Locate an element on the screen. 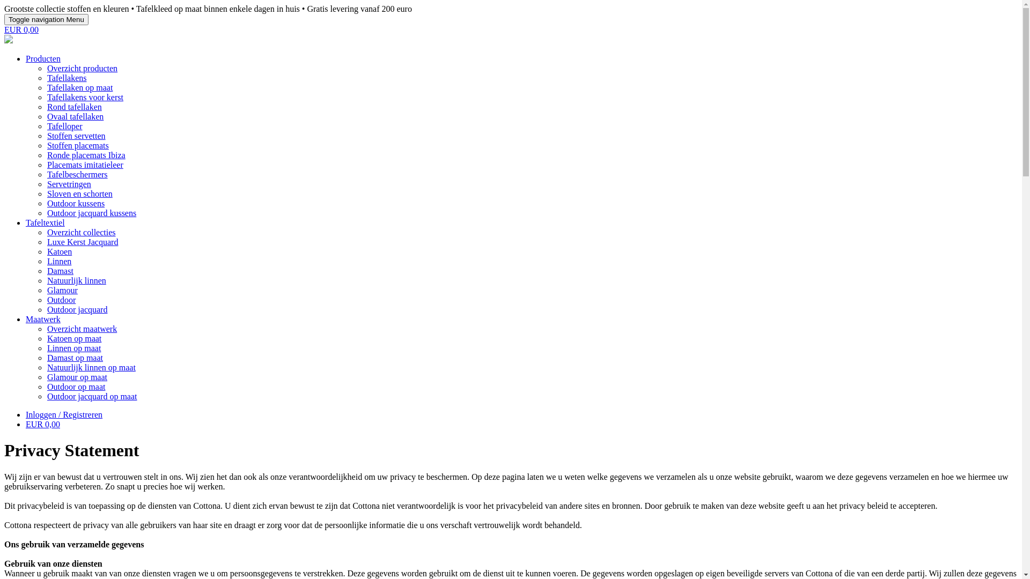 This screenshot has width=1030, height=579. 'Ronde placemats Ibiza' is located at coordinates (86, 155).